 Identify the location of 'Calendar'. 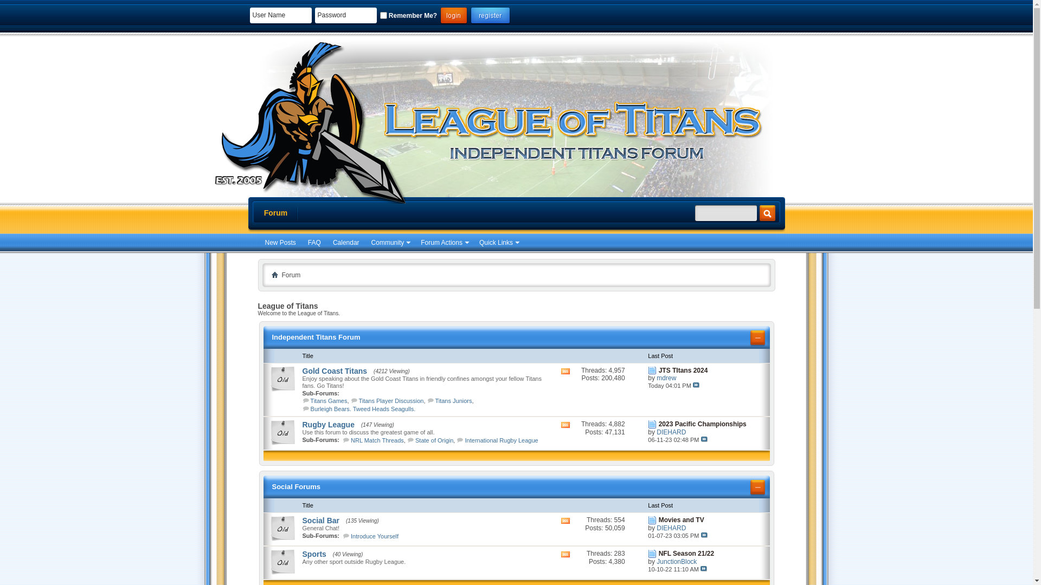
(345, 242).